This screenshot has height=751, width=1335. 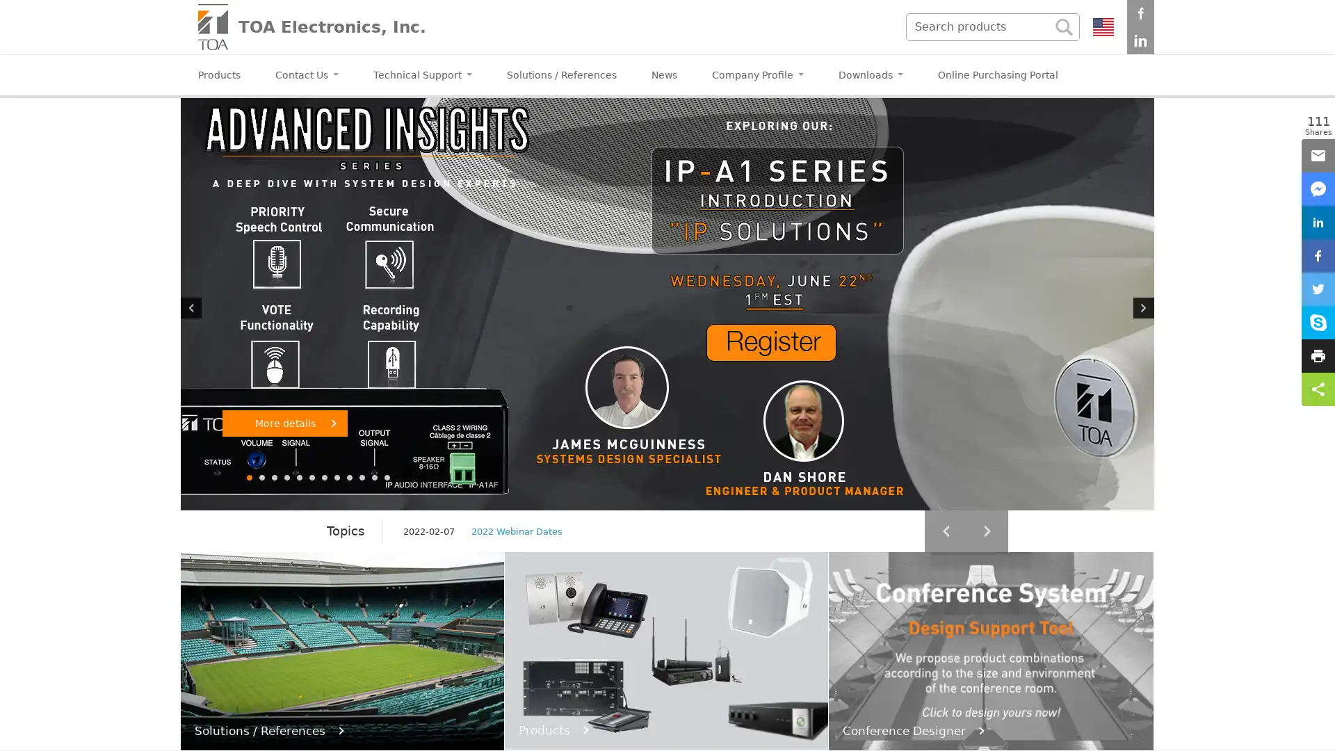 I want to click on 9, so click(x=350, y=476).